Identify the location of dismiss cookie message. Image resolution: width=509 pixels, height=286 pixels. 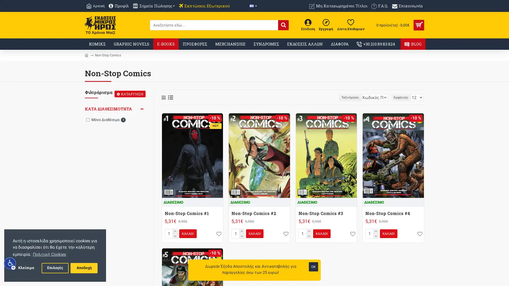
(26, 268).